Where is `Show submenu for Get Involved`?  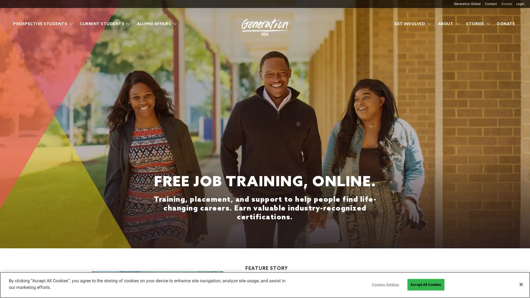 Show submenu for Get Involved is located at coordinates (429, 23).